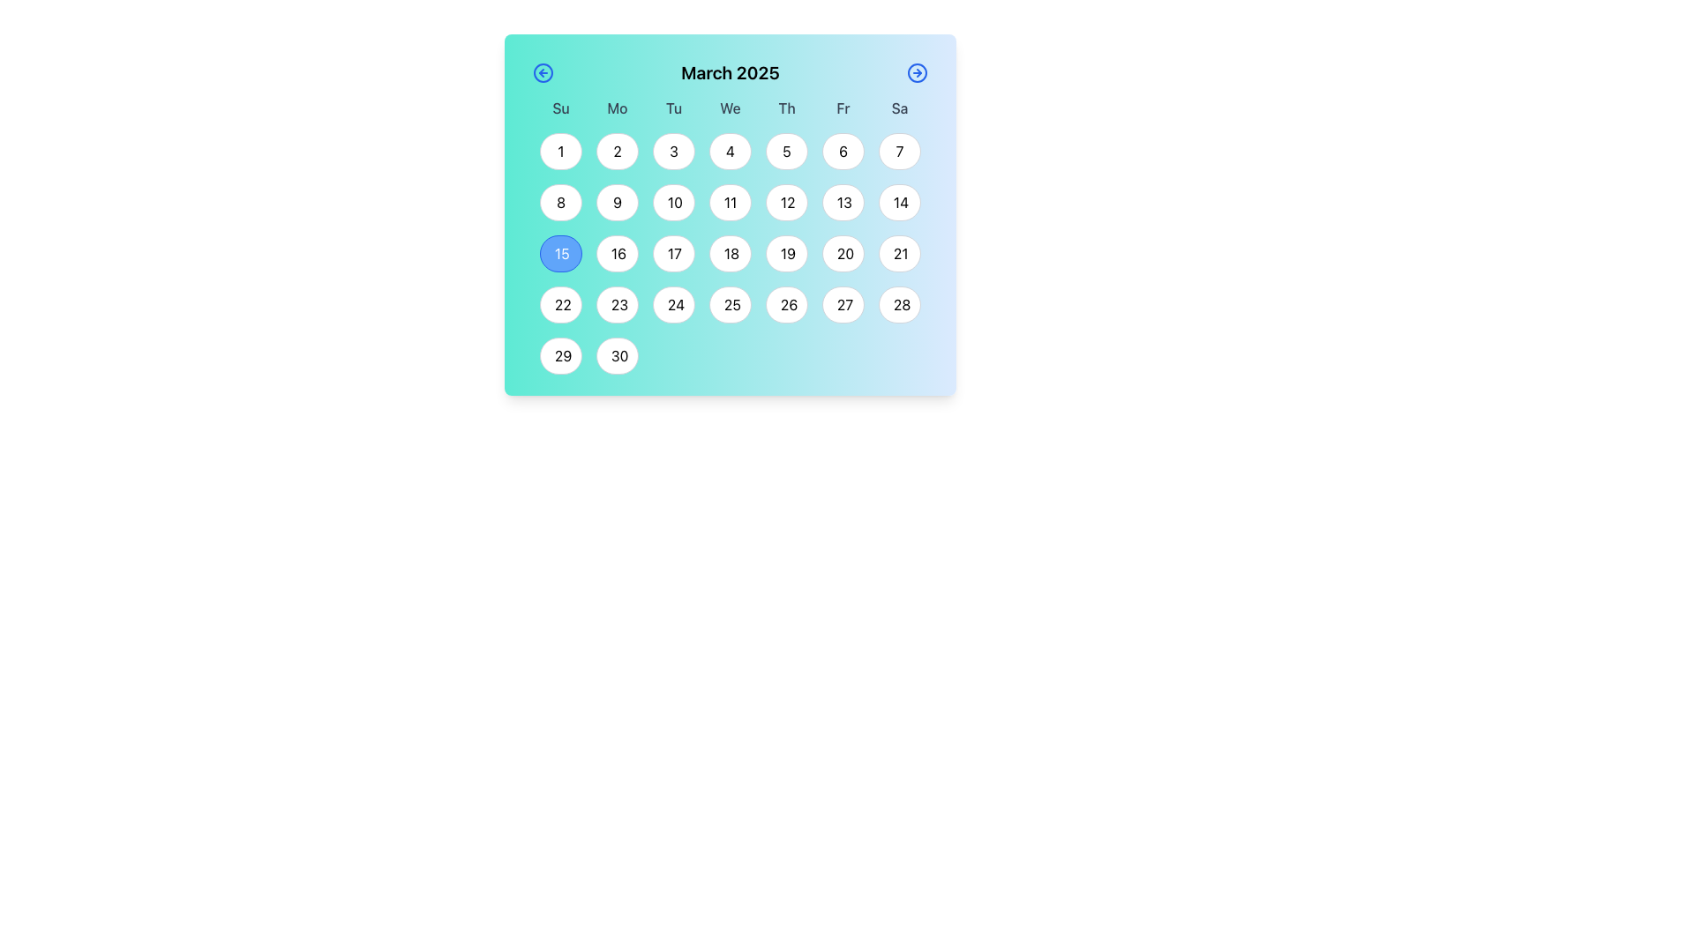 This screenshot has height=952, width=1694. I want to click on the circular button representing day '6', so click(842, 151).